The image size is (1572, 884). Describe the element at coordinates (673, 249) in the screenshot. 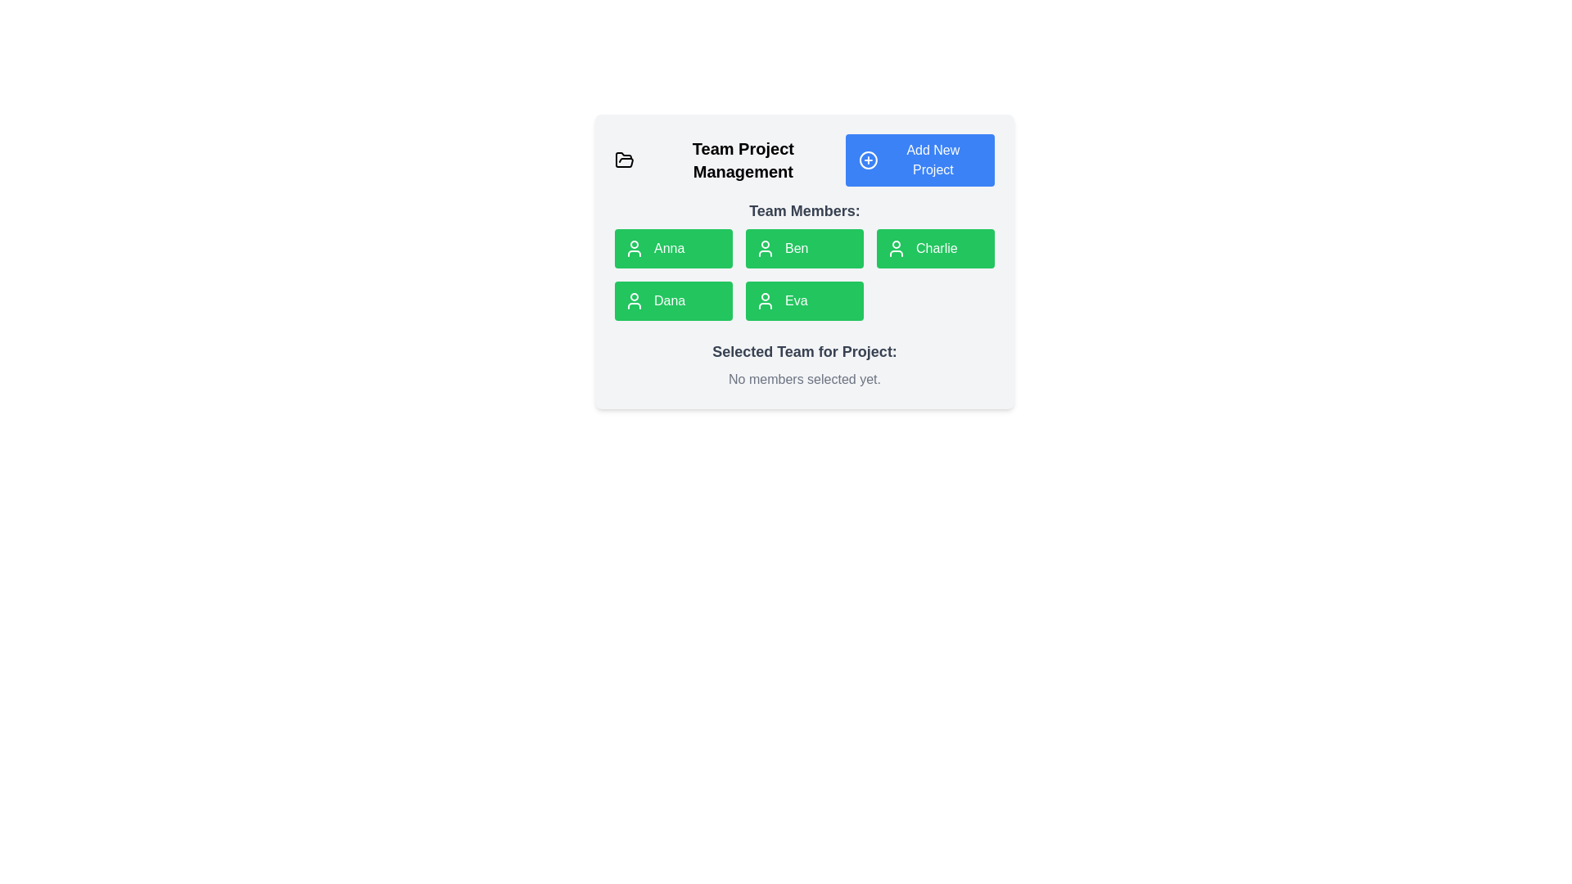

I see `the green button labeled 'Anna' with a person icon` at that location.